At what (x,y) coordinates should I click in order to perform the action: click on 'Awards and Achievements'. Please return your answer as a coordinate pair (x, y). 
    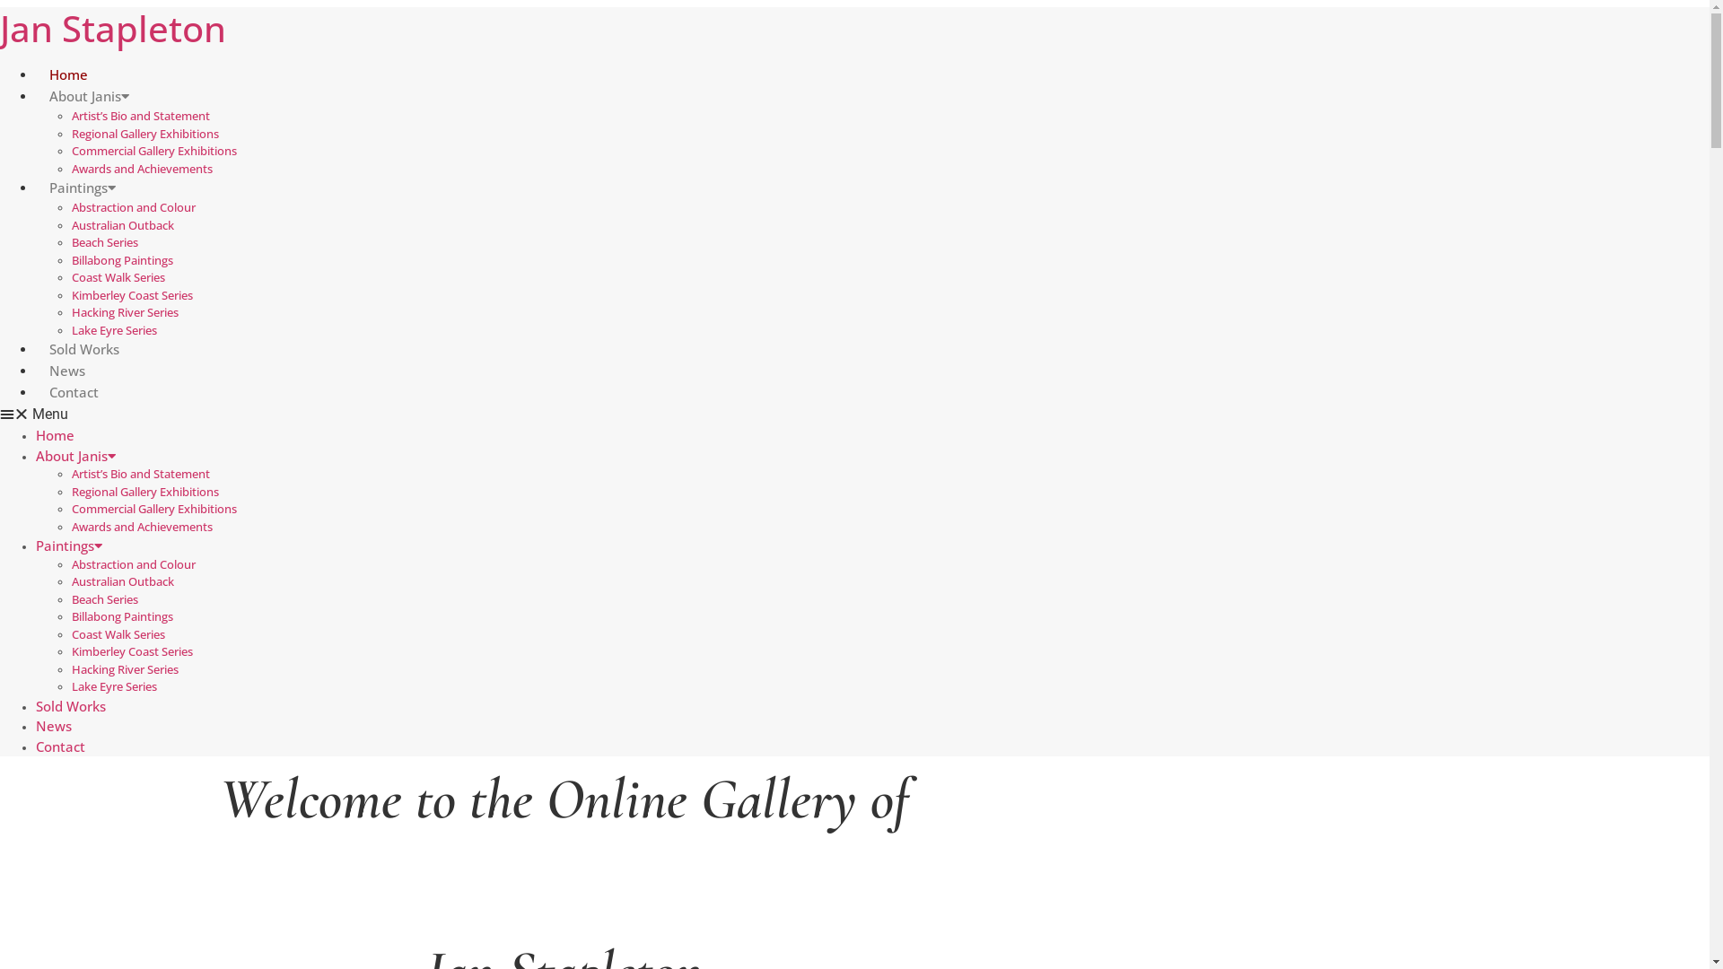
    Looking at the image, I should click on (72, 167).